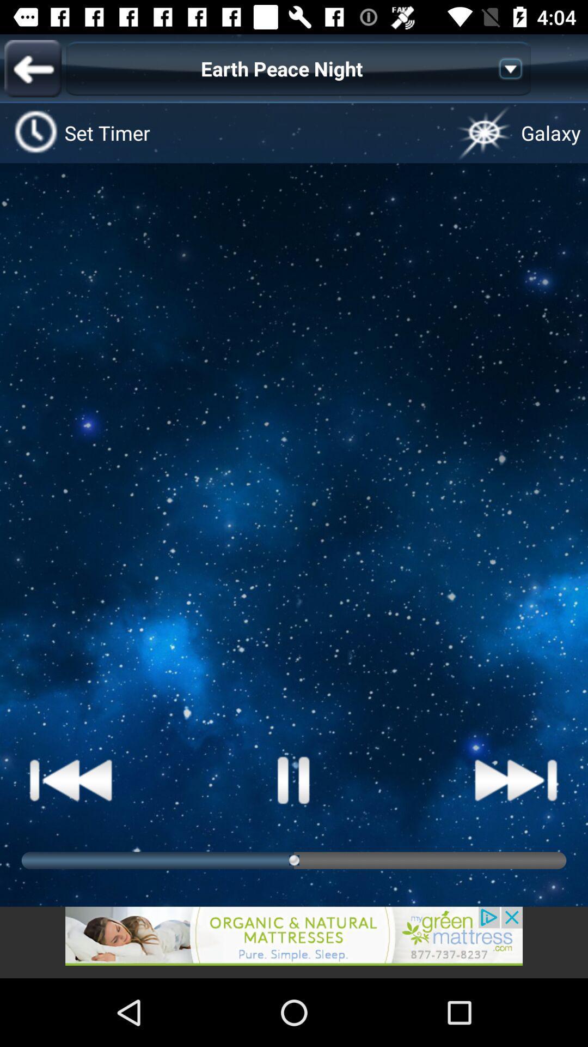  Describe the element at coordinates (71, 779) in the screenshot. I see `rite pega` at that location.